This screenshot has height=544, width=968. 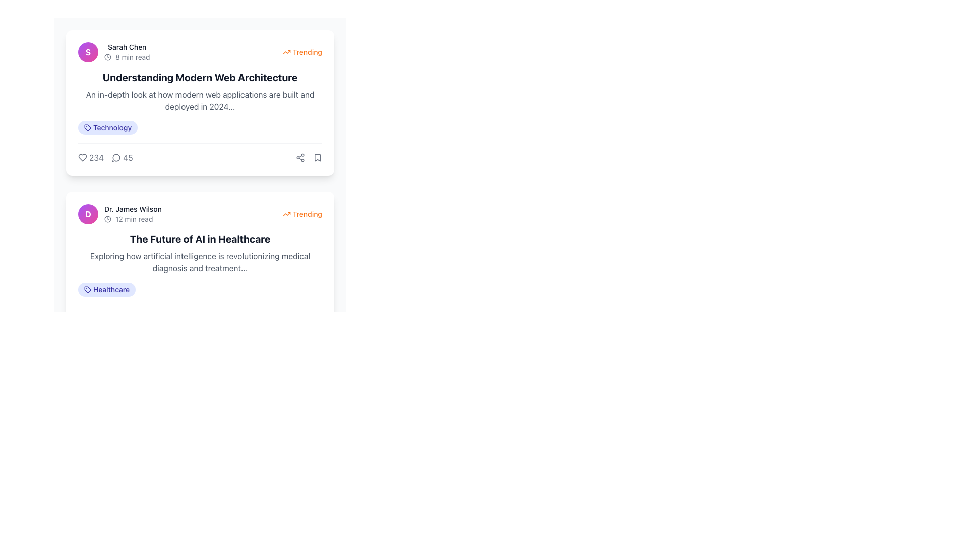 I want to click on author information segment located in the second card below 'Understanding Modern Web Architecture', which displays 'Dr. James Wilson' and '12 min read', so click(x=119, y=213).